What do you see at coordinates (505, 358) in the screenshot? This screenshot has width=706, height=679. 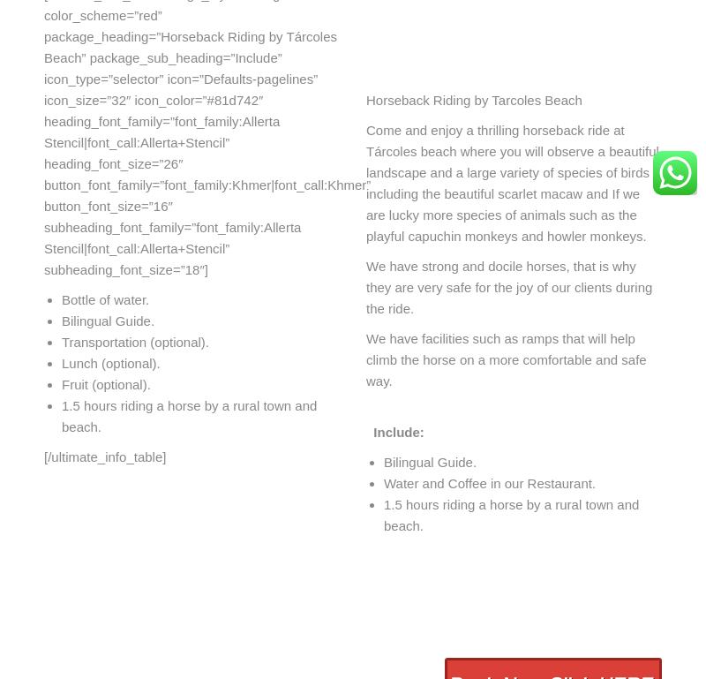 I see `'We have facilities such as ramps that will help climb the horse on a more comfortable and safe way.'` at bounding box center [505, 358].